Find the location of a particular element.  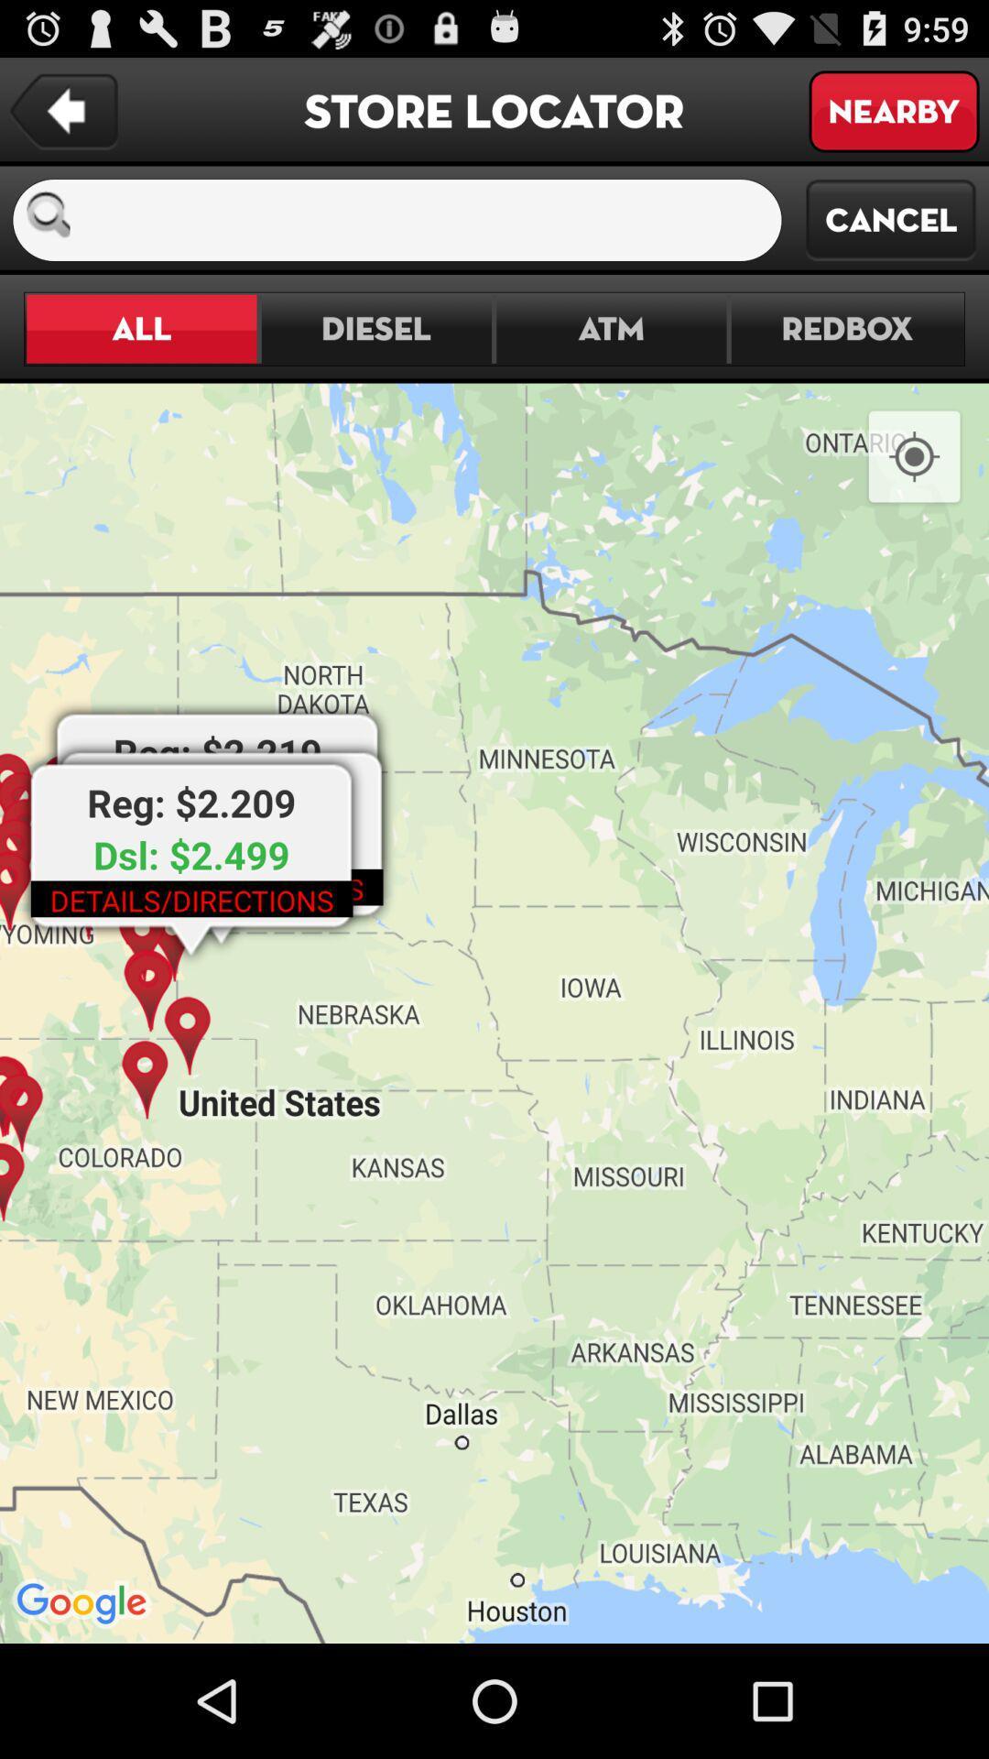

the diesel icon is located at coordinates (375, 329).